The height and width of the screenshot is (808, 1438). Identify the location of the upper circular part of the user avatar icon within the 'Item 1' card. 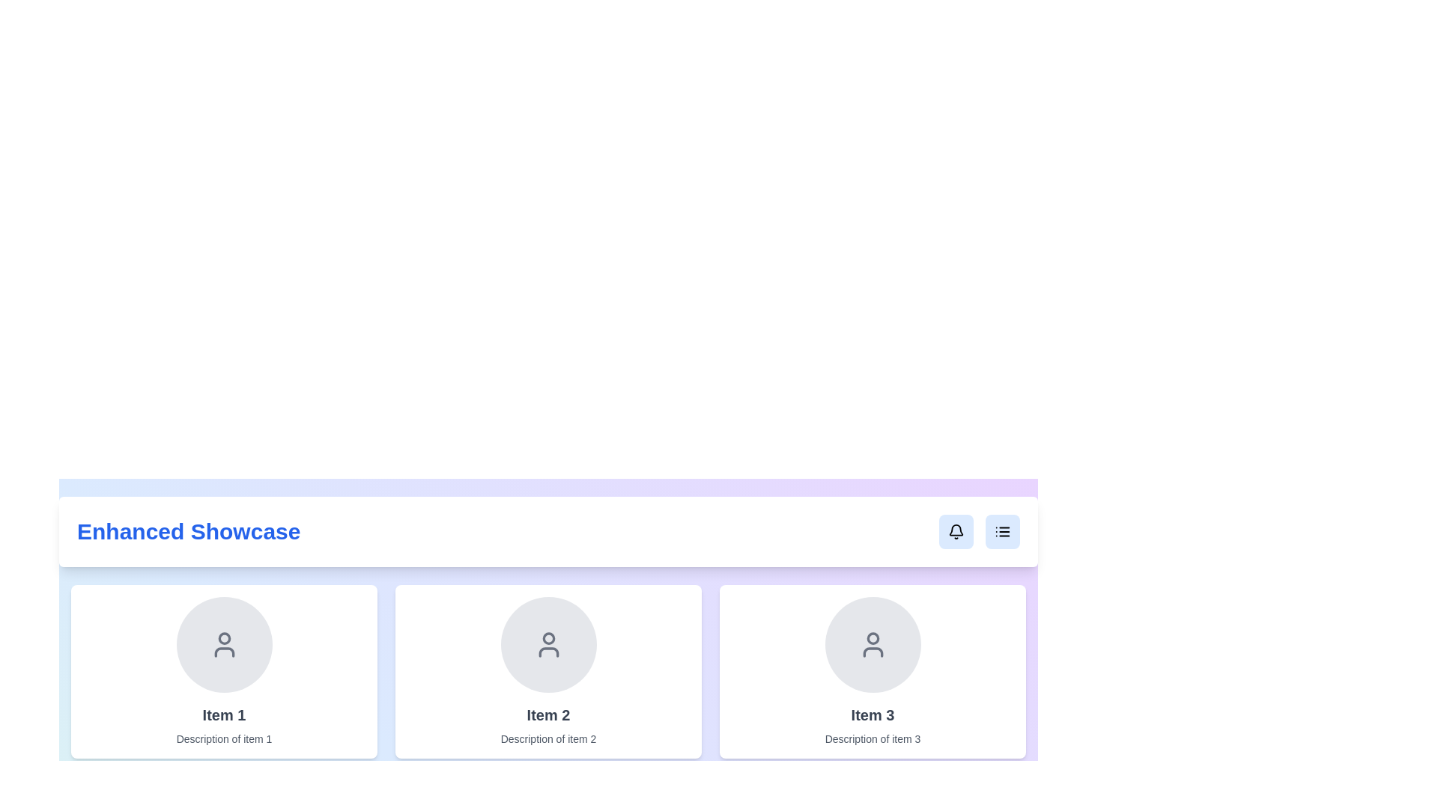
(223, 638).